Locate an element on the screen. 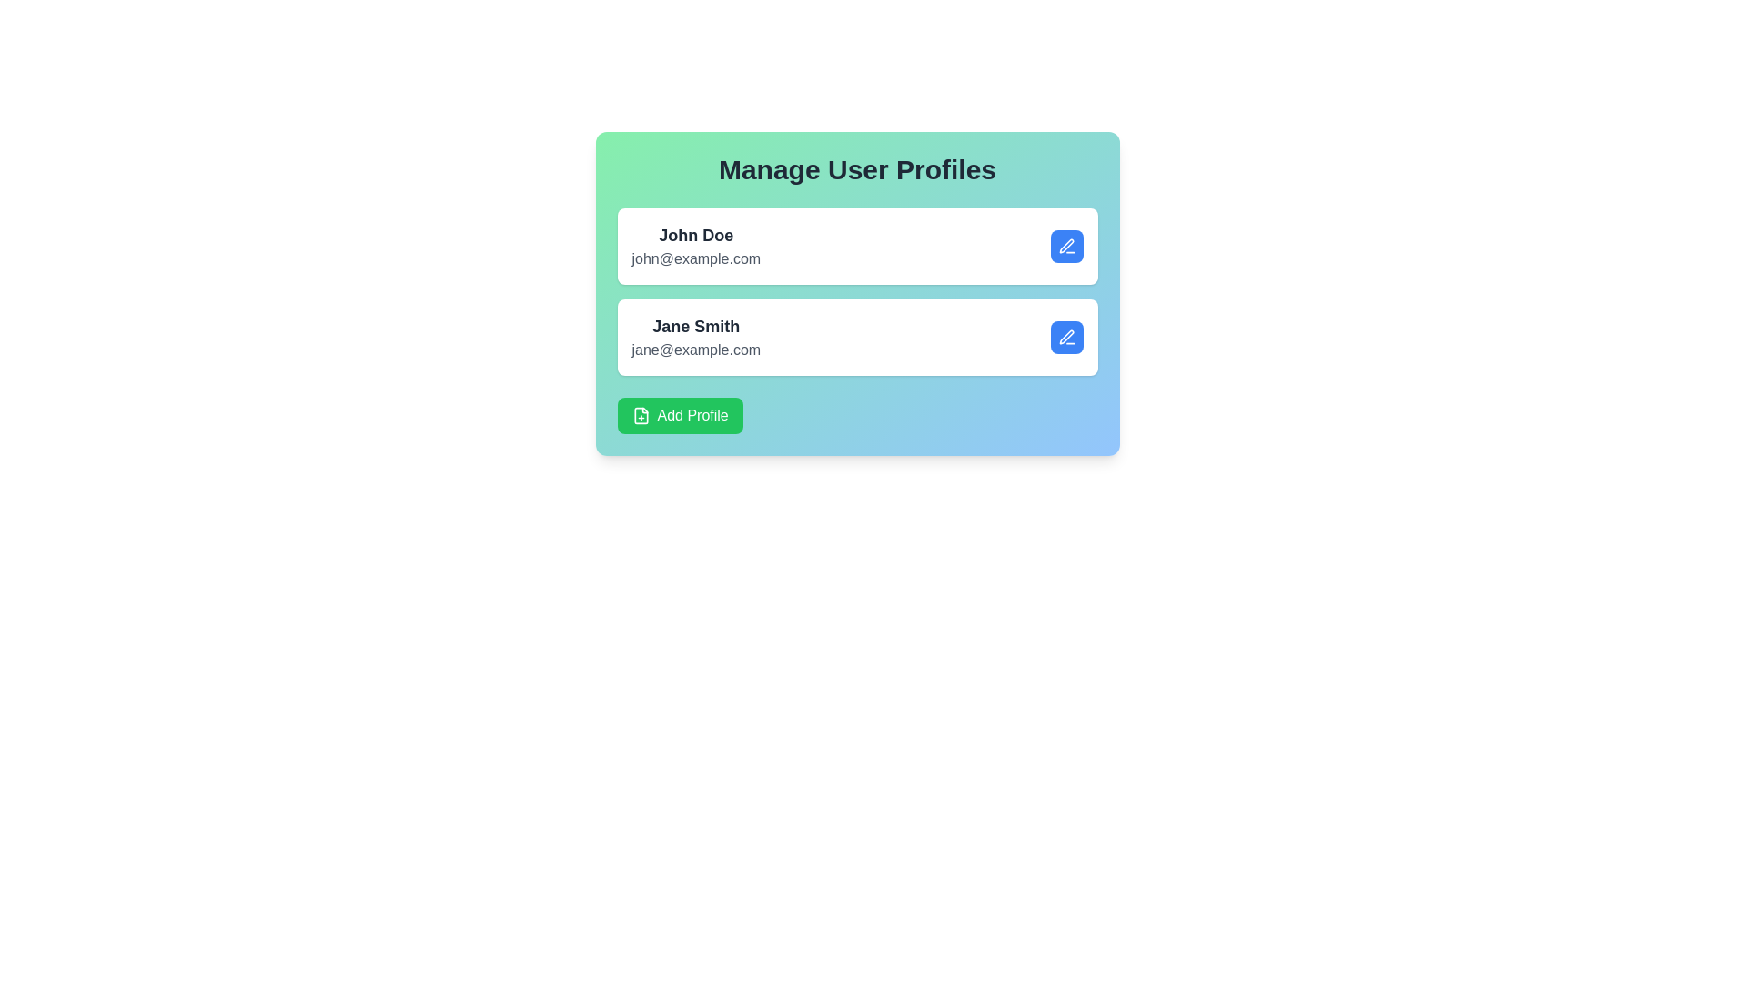 This screenshot has height=983, width=1747. the email address text label associated with the user profile 'Jane Smith', which is located beneath the name 'Jane Smith' in the profile section is located at coordinates (695, 350).